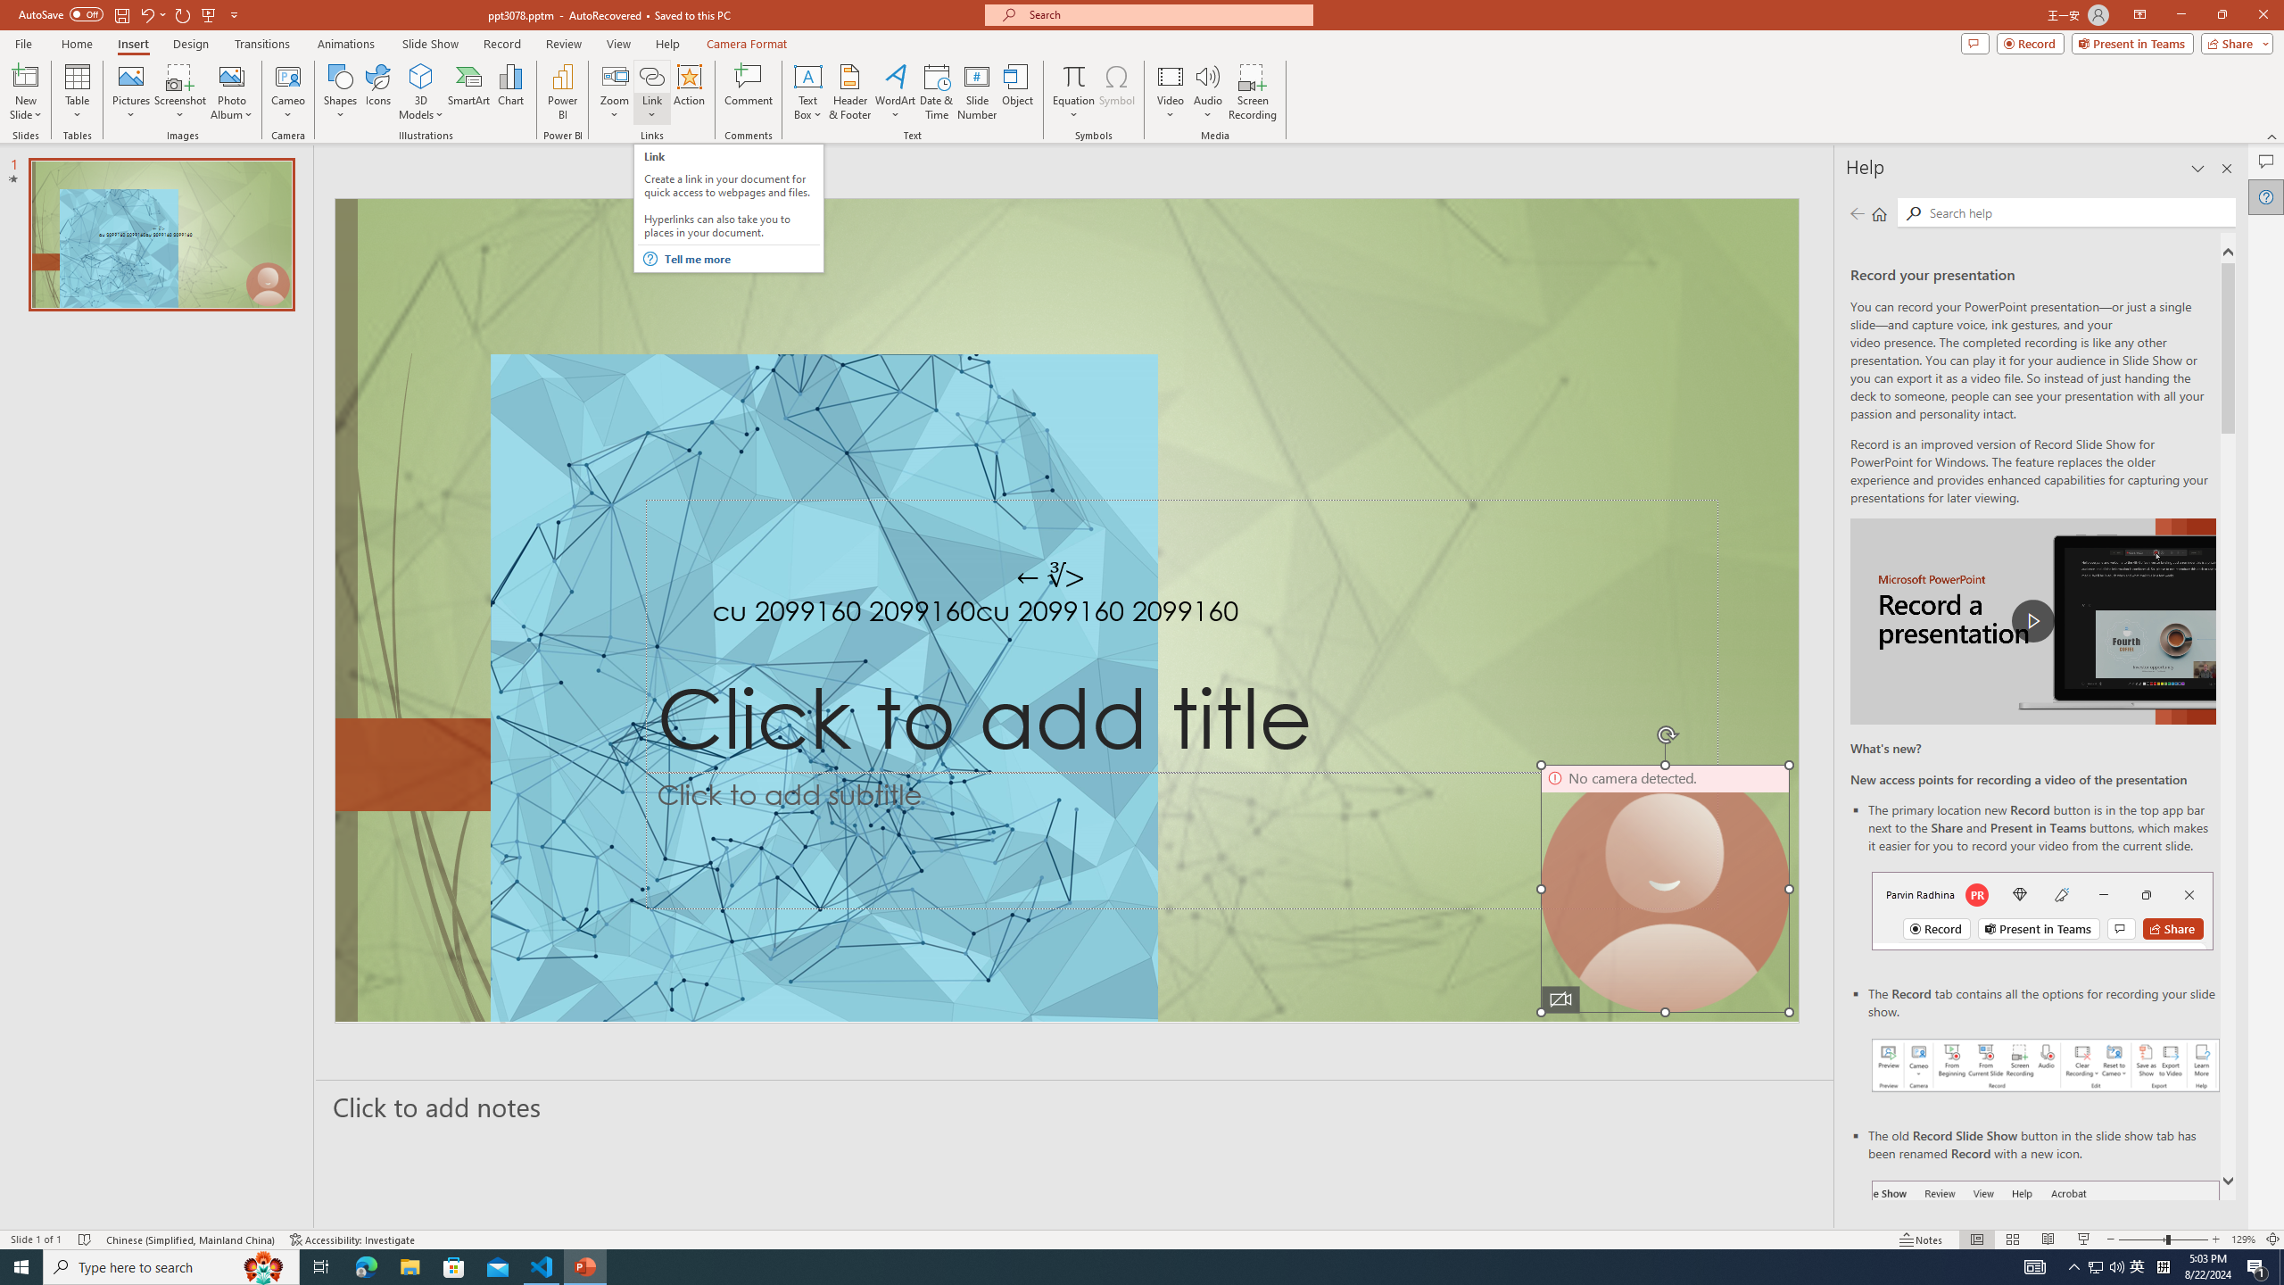 The height and width of the screenshot is (1285, 2284). I want to click on 'WordArt', so click(894, 92).